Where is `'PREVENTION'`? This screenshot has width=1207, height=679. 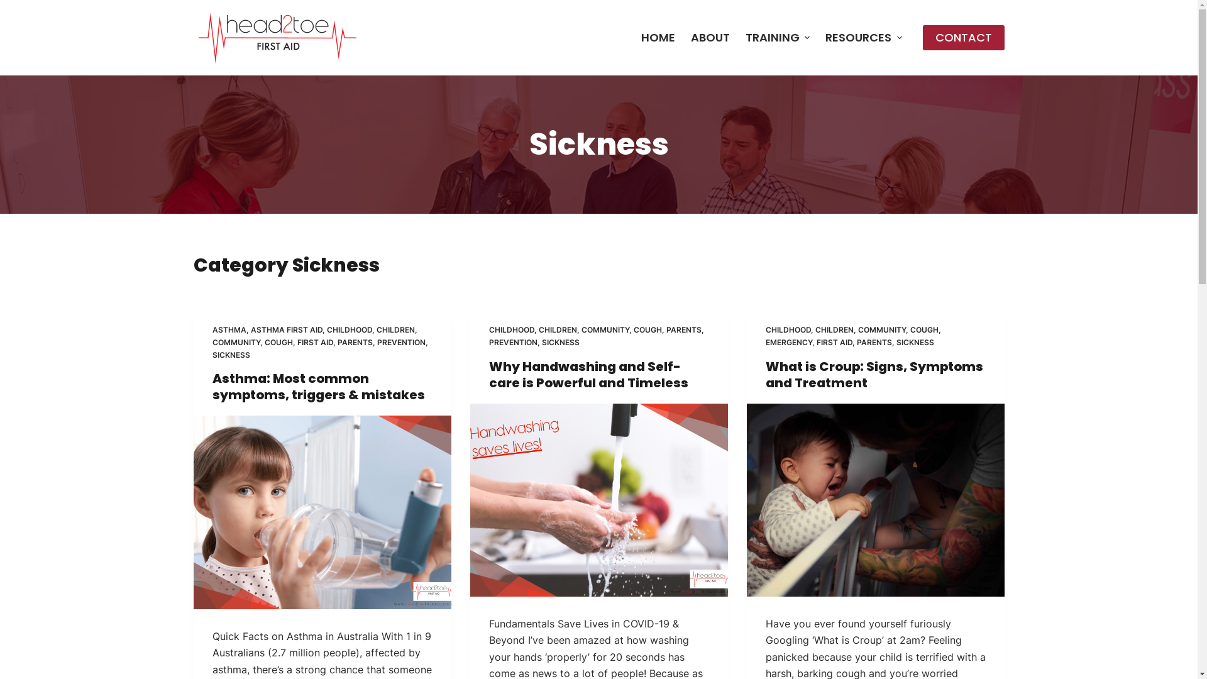 'PREVENTION' is located at coordinates (400, 342).